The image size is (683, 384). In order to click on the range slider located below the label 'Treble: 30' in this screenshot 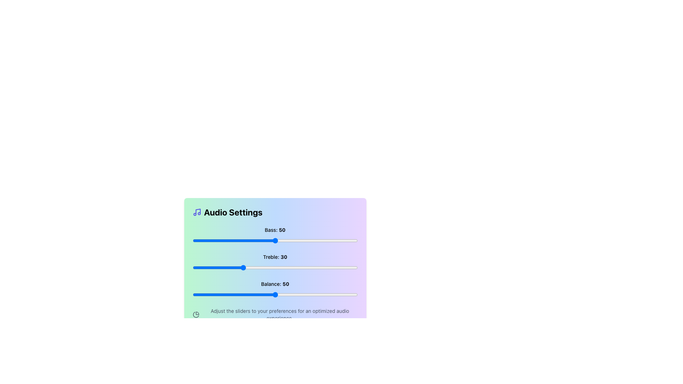, I will do `click(275, 267)`.